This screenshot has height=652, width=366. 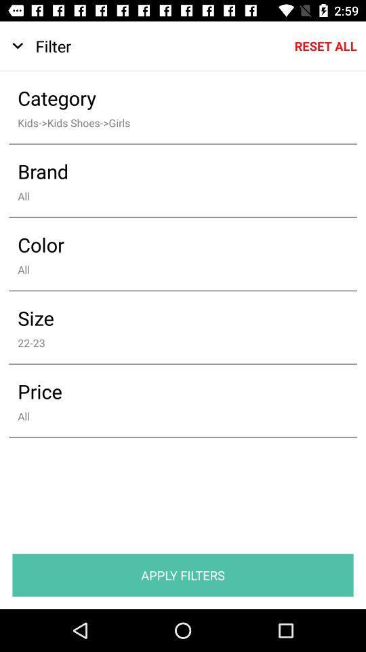 I want to click on the color item, so click(x=174, y=244).